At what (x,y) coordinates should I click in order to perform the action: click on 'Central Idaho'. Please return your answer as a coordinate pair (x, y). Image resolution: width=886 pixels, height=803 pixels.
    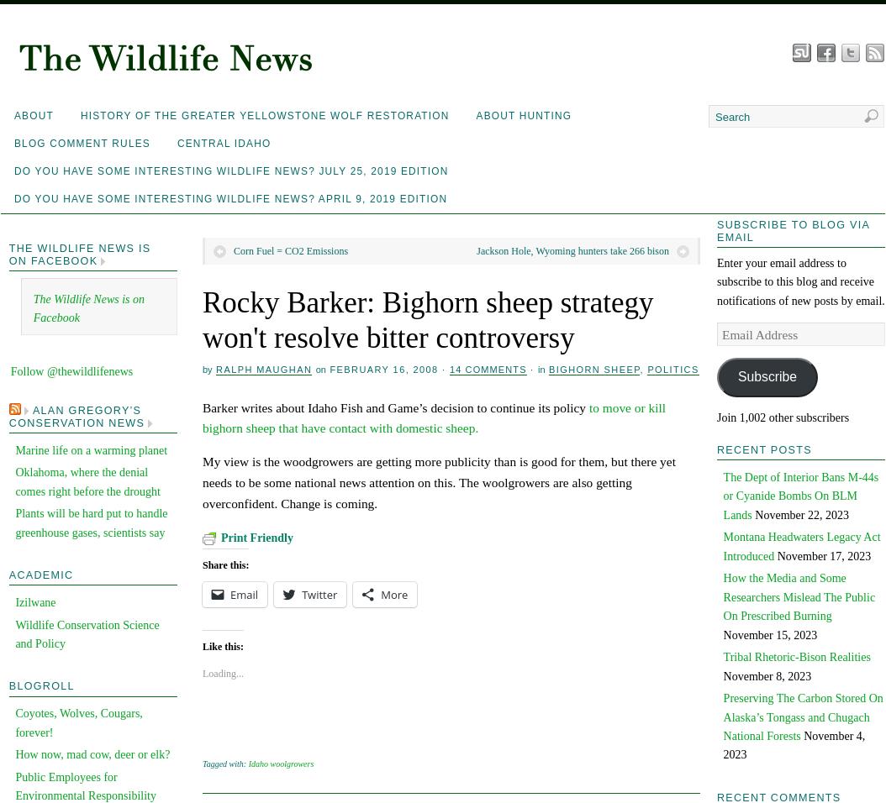
    Looking at the image, I should click on (223, 144).